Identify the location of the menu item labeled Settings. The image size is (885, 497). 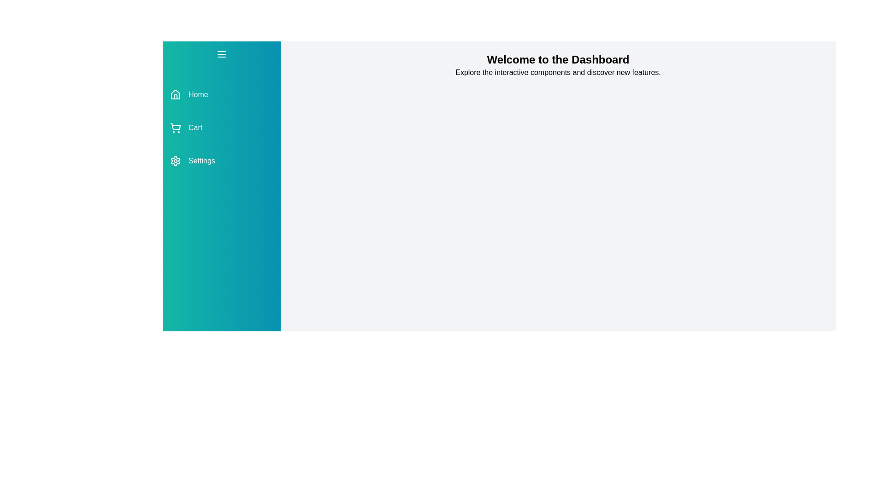
(221, 161).